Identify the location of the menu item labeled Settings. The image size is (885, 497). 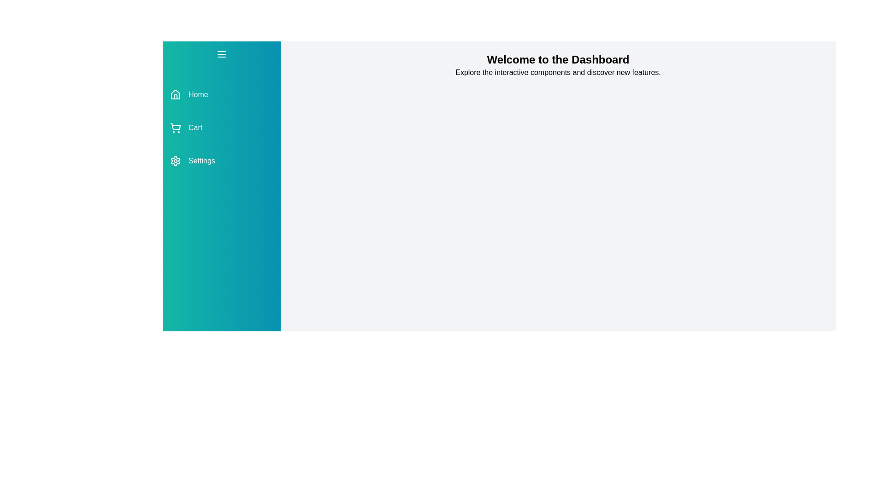
(221, 161).